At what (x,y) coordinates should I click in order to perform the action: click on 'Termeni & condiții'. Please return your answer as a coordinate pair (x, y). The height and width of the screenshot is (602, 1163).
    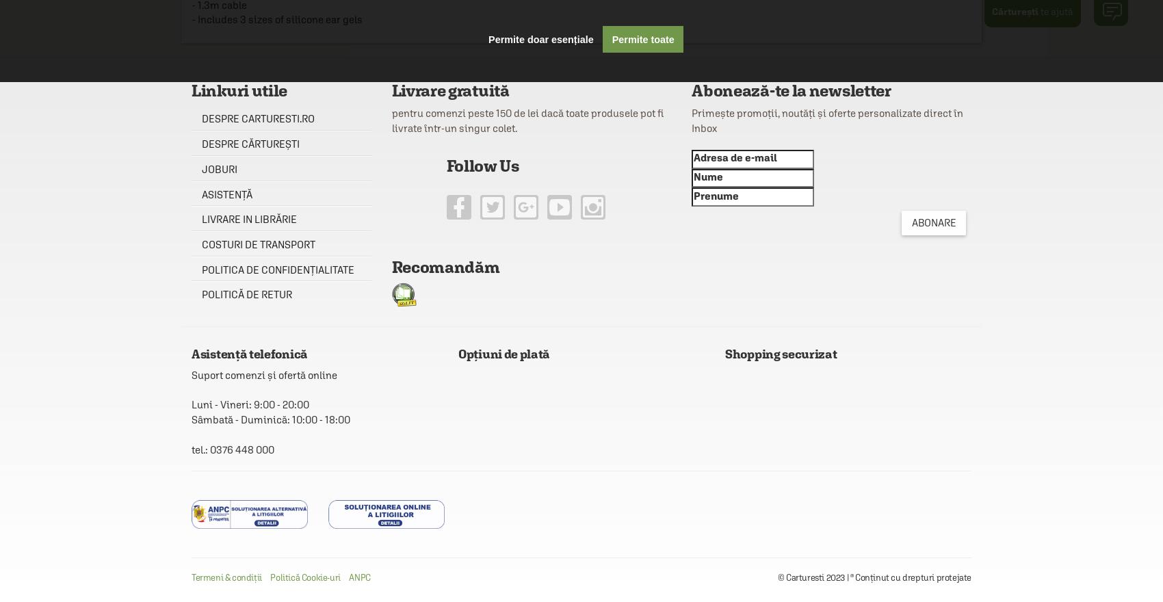
    Looking at the image, I should click on (191, 577).